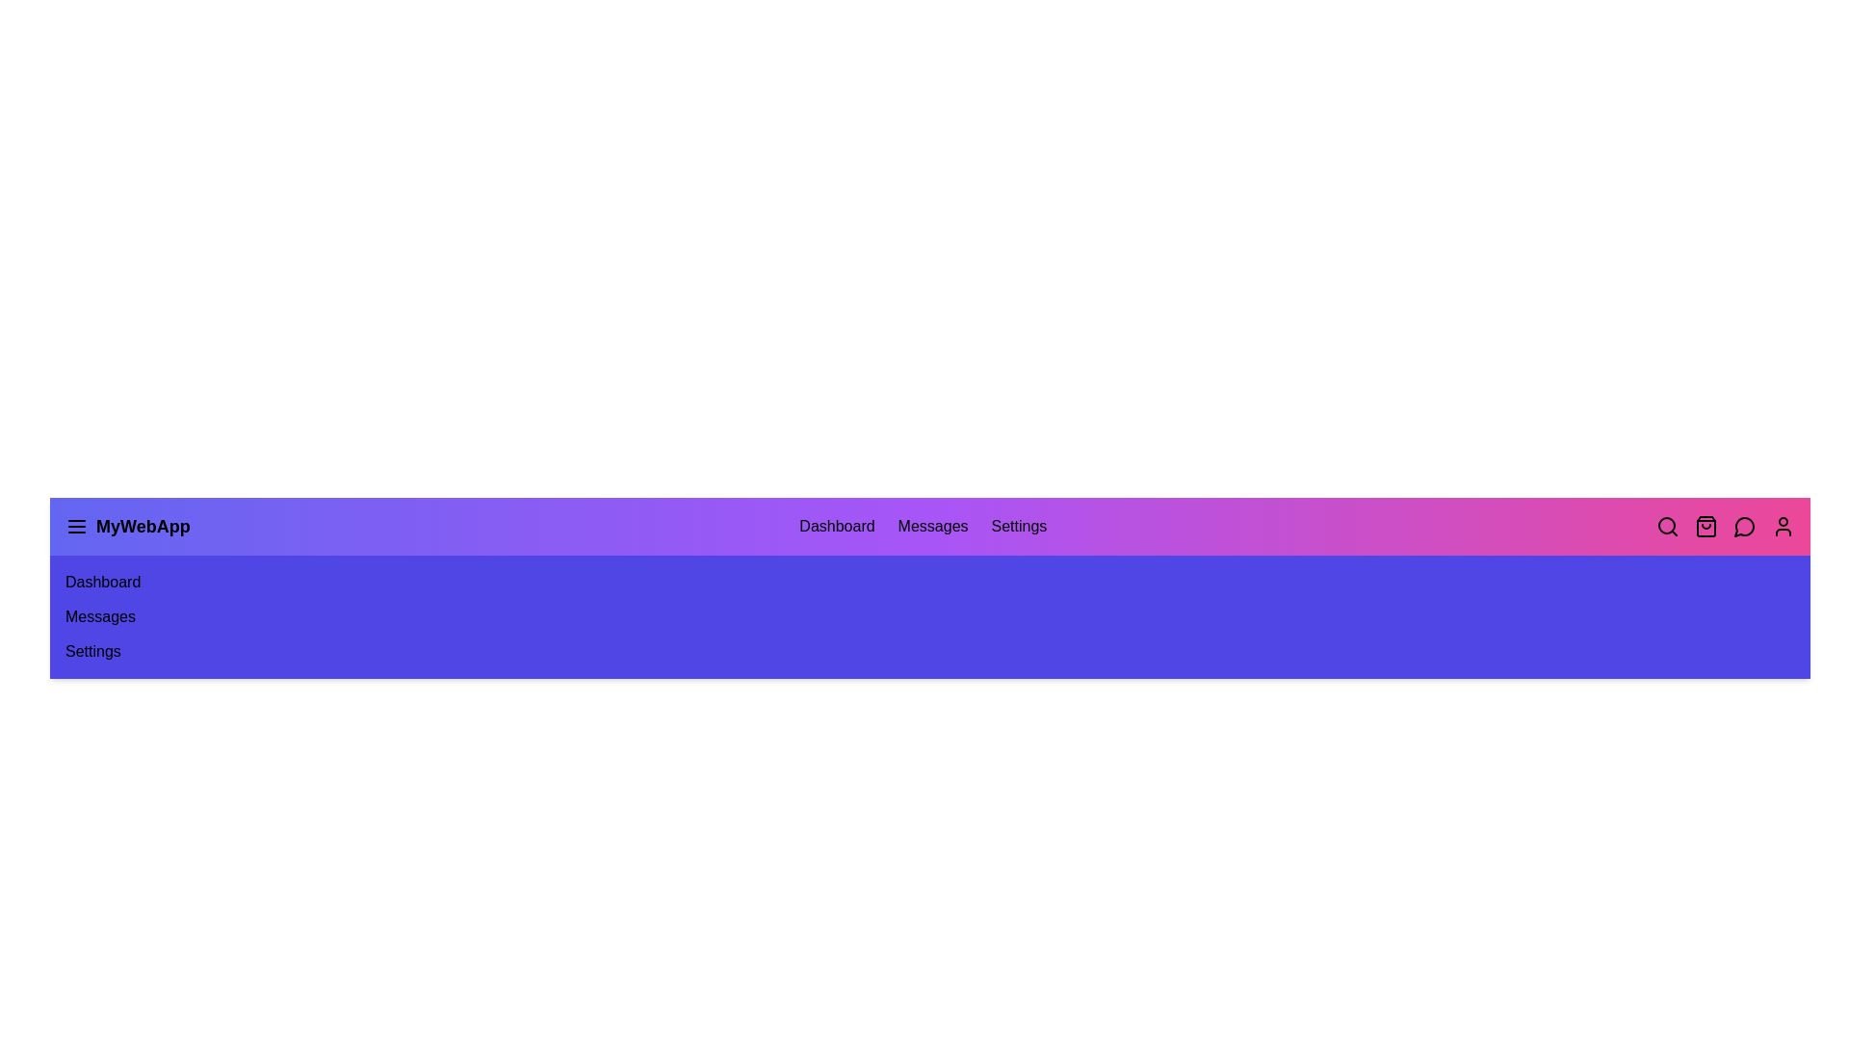  Describe the element at coordinates (1018, 527) in the screenshot. I see `the menu item Settings to observe the hover effect` at that location.